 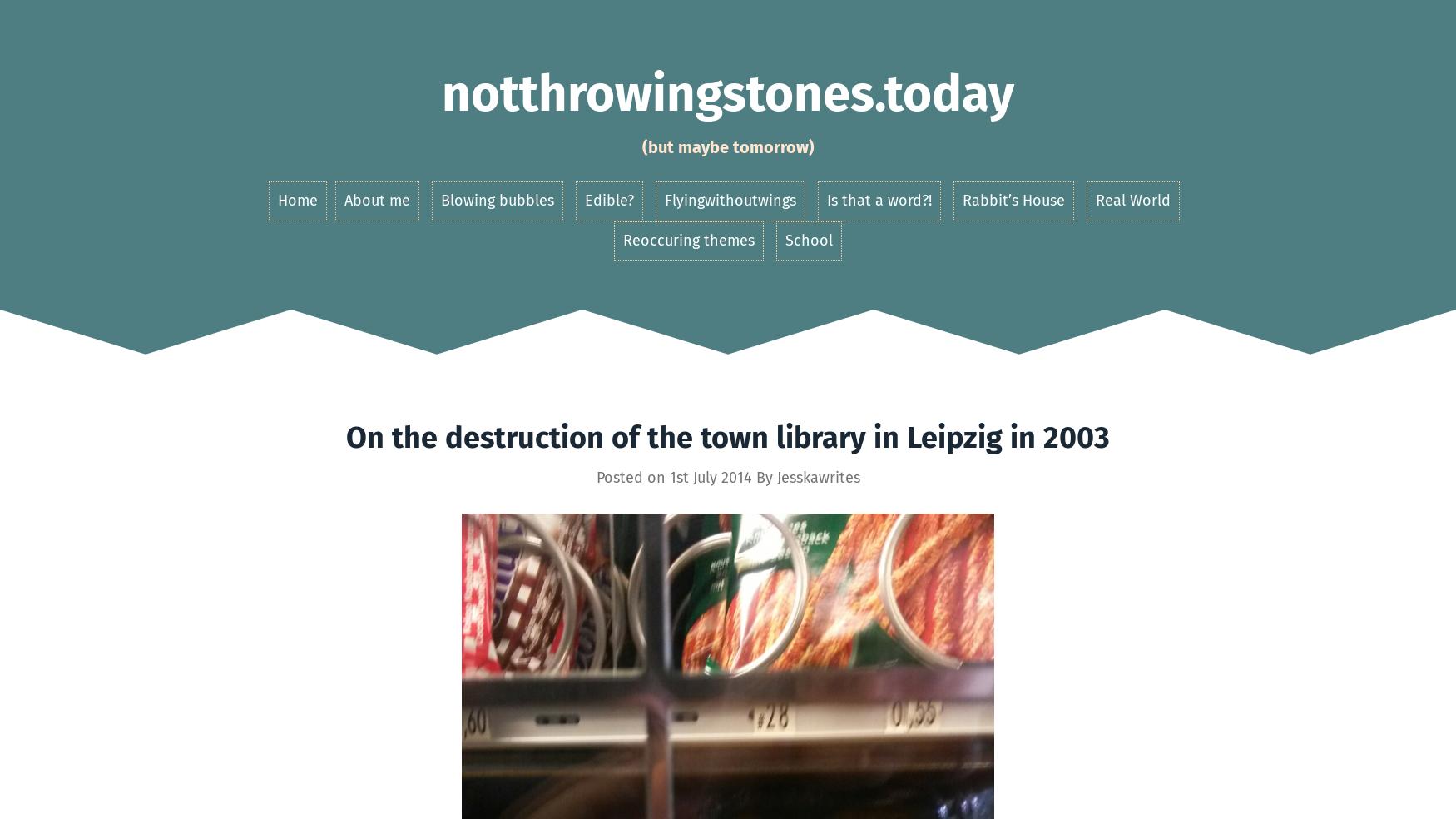 What do you see at coordinates (710, 475) in the screenshot?
I see `'1st July 2014'` at bounding box center [710, 475].